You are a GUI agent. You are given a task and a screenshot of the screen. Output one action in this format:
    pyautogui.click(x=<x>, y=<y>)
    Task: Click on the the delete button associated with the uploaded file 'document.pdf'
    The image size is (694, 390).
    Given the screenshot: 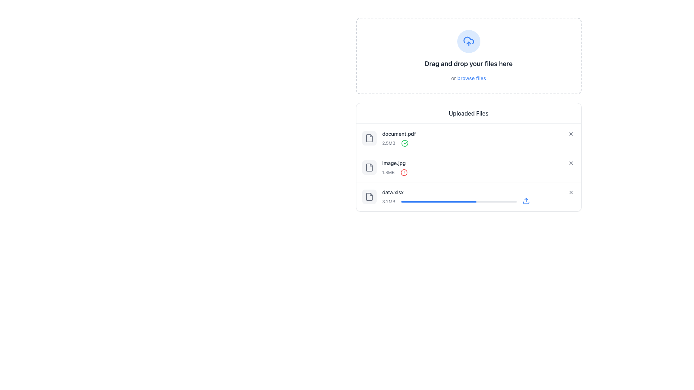 What is the action you would take?
    pyautogui.click(x=468, y=138)
    